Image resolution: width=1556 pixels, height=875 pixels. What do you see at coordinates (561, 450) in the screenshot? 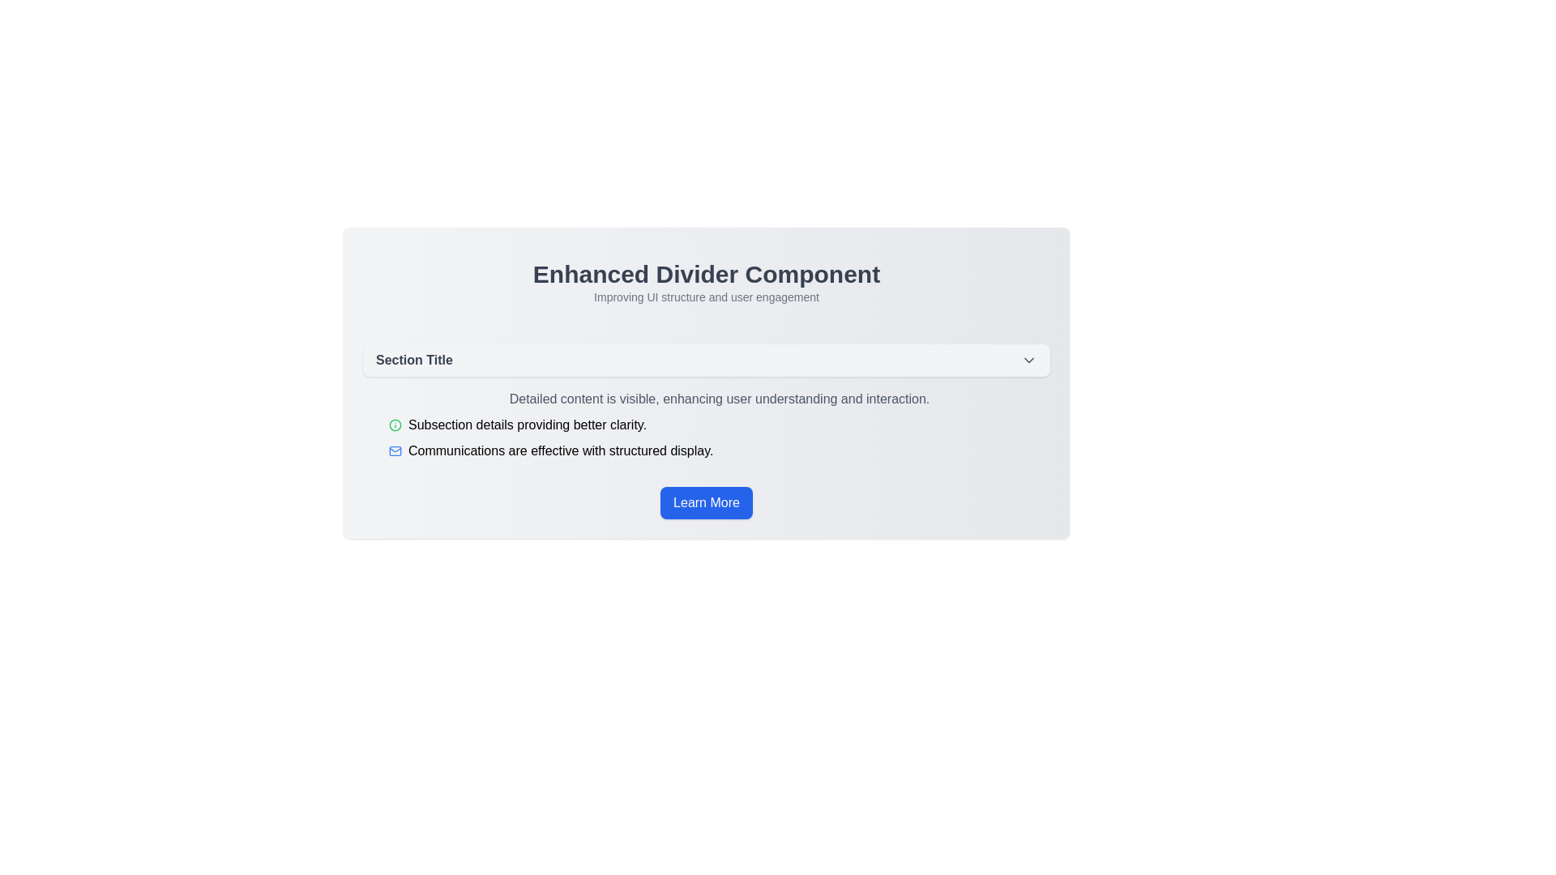
I see `the static text element displaying 'Communications are effective with structured display.' which is the second entry in a vertical list` at bounding box center [561, 450].